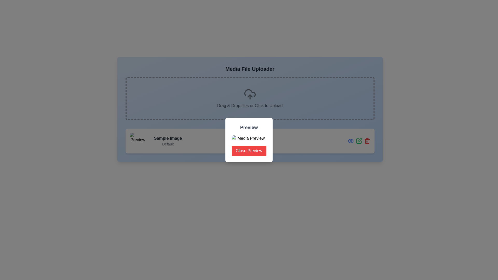 The image size is (498, 280). Describe the element at coordinates (358, 141) in the screenshot. I see `the second icon from the left in the horizontal row of three icons at the right end of the card labeled 'Sample Image Default'` at that location.